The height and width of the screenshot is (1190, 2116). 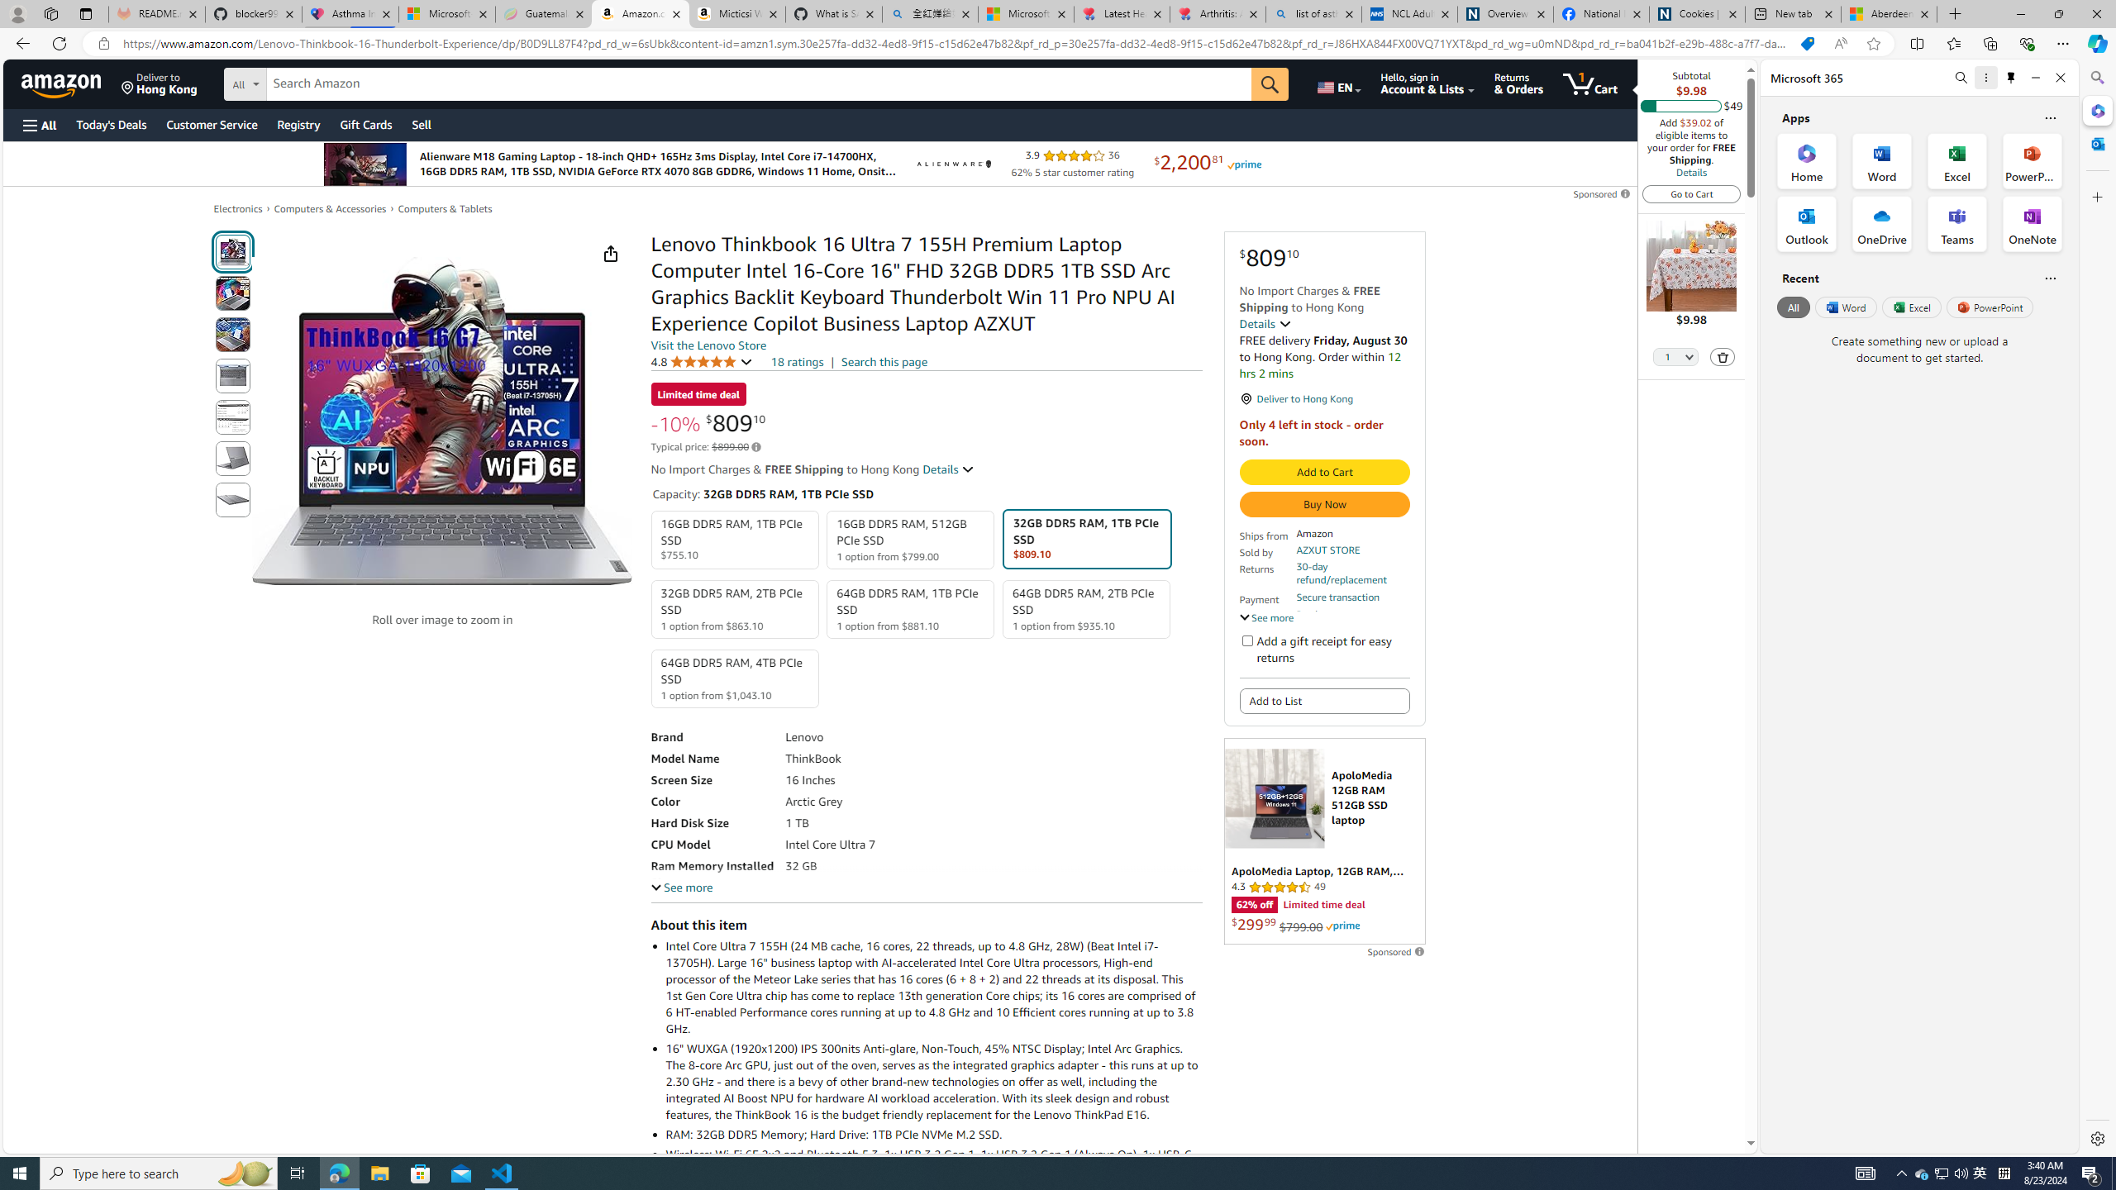 I want to click on 'AZXUT STORE', so click(x=1327, y=550).